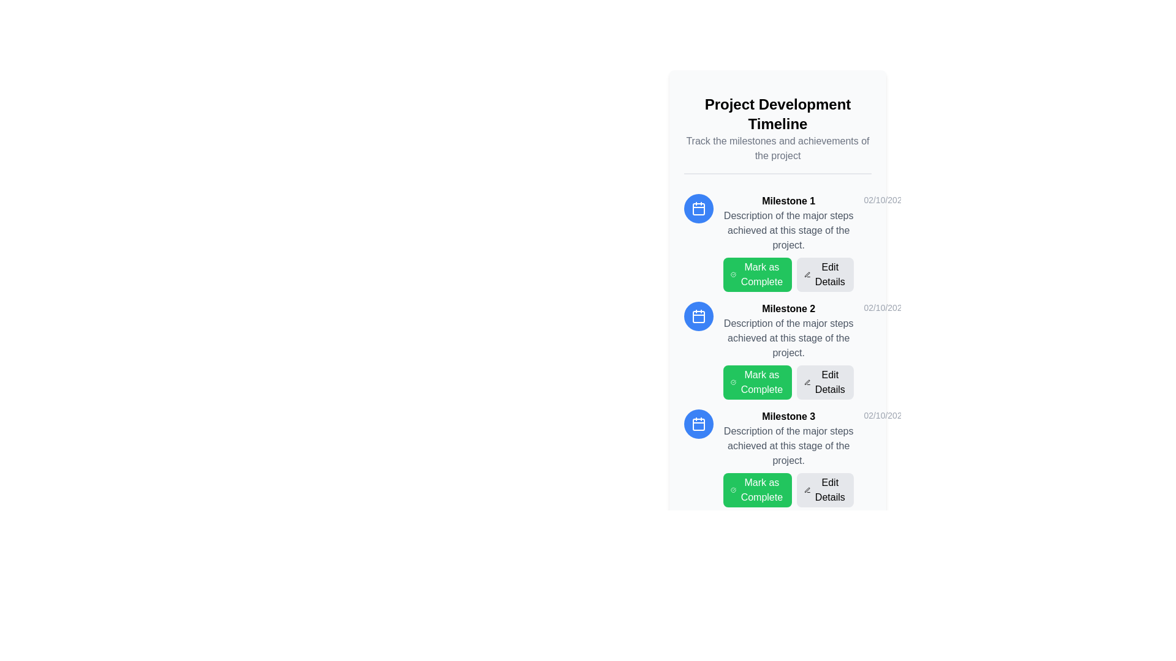 Image resolution: width=1176 pixels, height=661 pixels. What do you see at coordinates (699, 424) in the screenshot?
I see `the circular Icon Button with a blue background and white border containing a calendar icon, located in the top left corner of the milestone block labeled 'Milestone 3'` at bounding box center [699, 424].